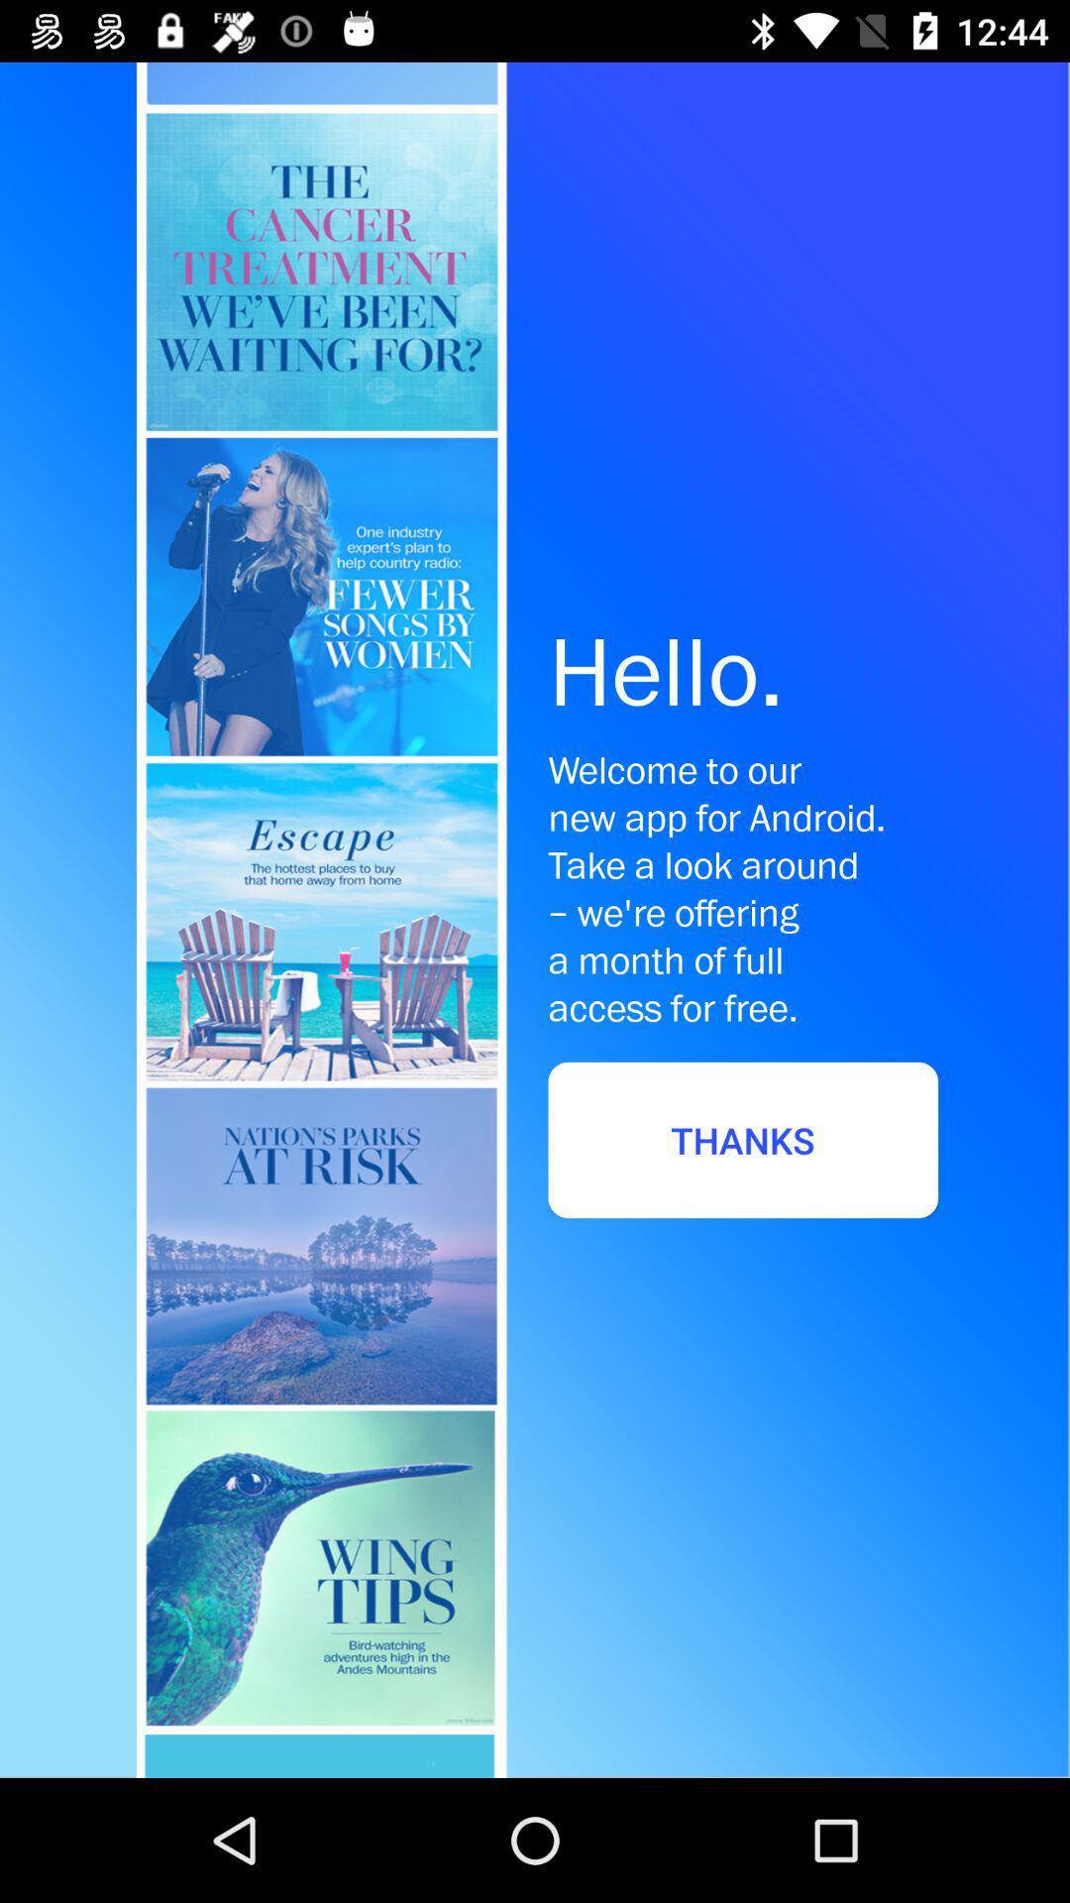 The width and height of the screenshot is (1070, 1903). I want to click on icon below the welcome to our app, so click(743, 1140).